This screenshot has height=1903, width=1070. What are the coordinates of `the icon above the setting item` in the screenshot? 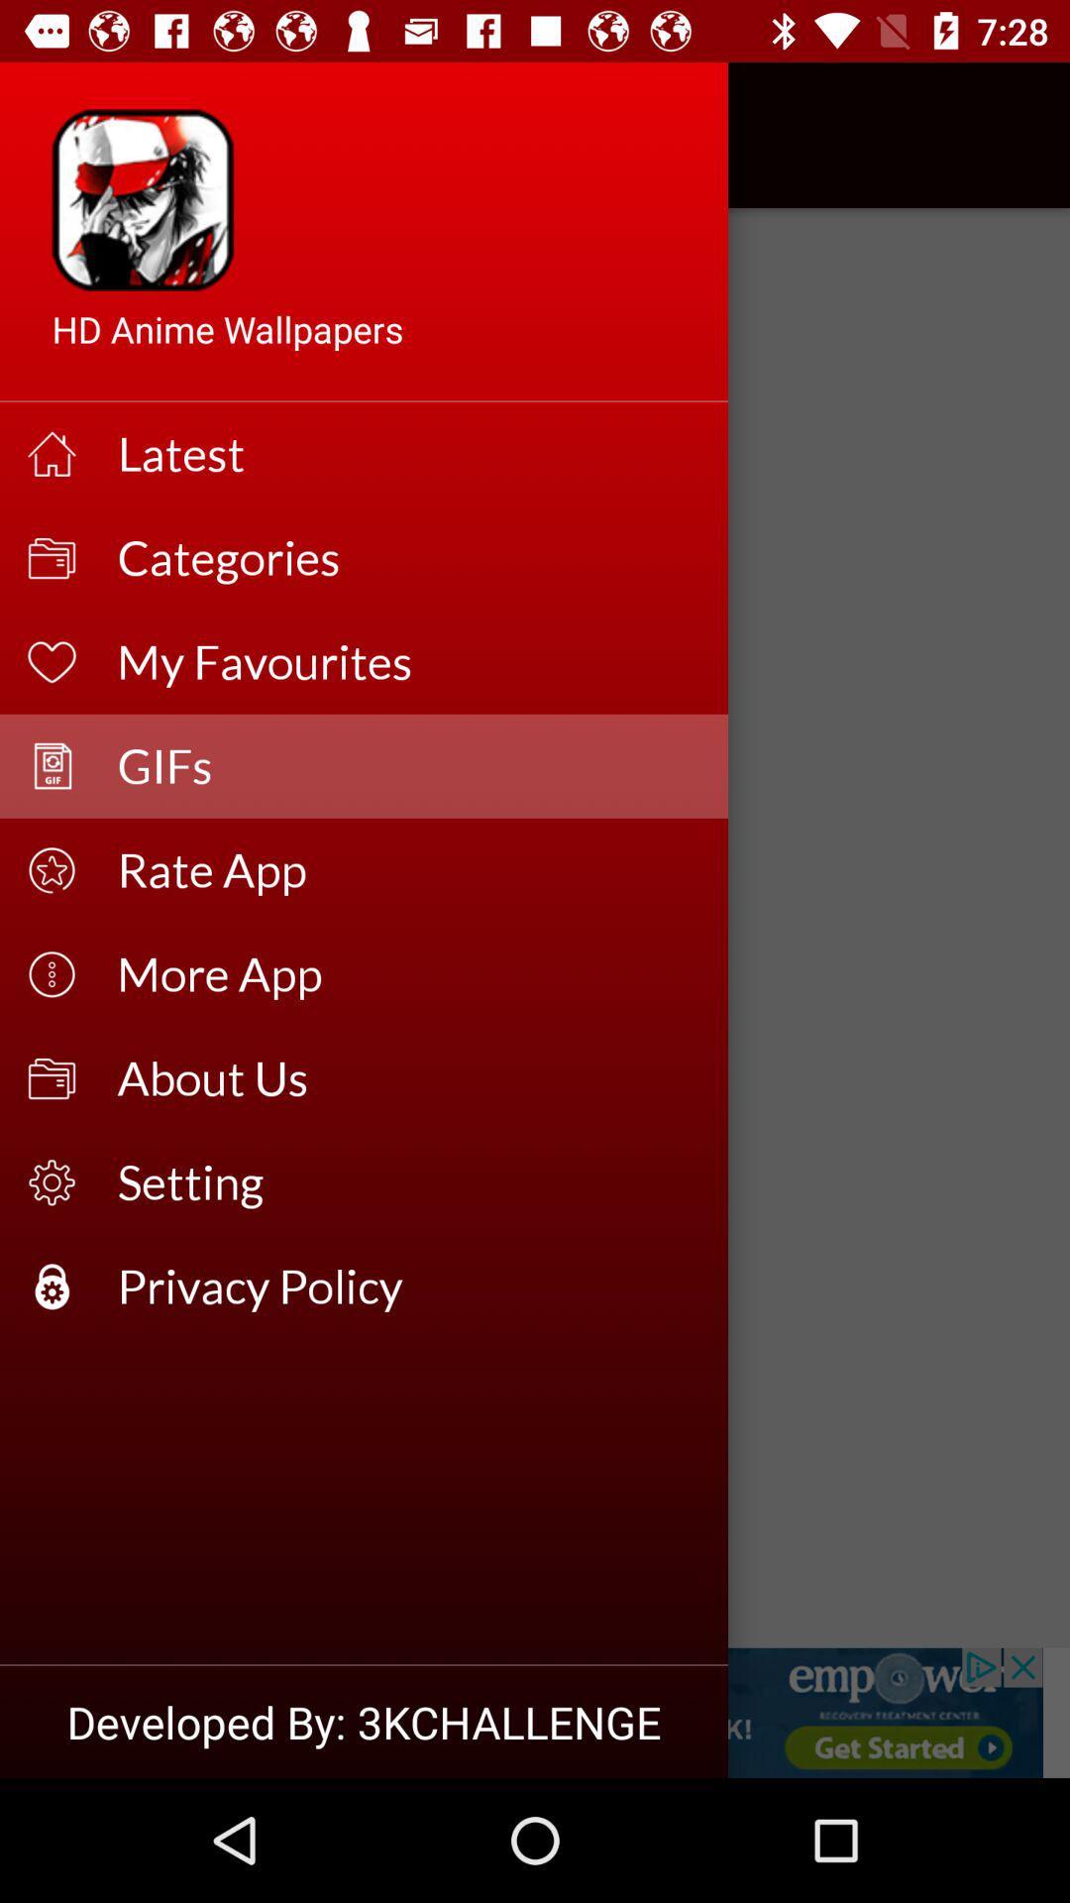 It's located at (408, 1077).